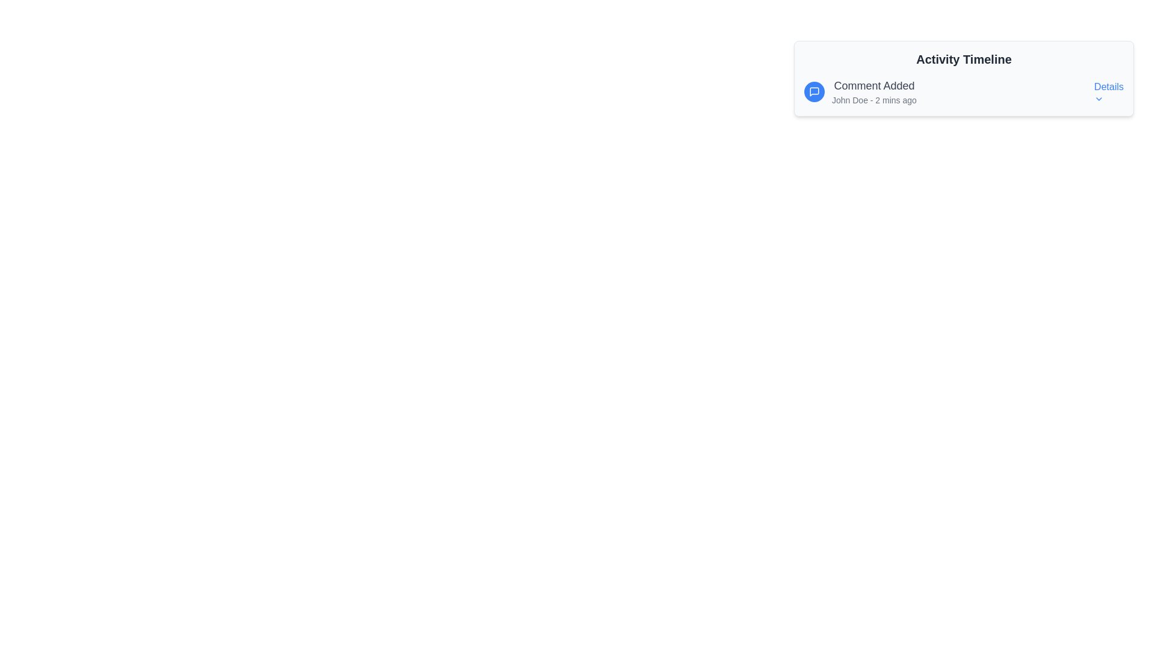  Describe the element at coordinates (814, 91) in the screenshot. I see `the messaging/commenting icon located inside the 'Activity Timeline' notification box, next to the 'Comment Added' text` at that location.